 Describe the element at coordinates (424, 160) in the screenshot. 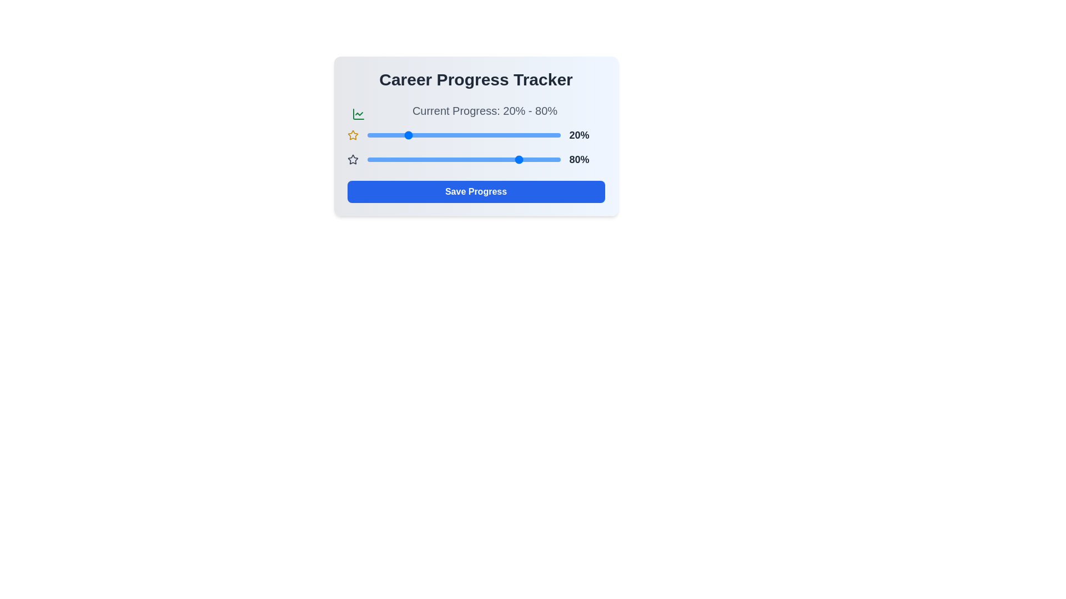

I see `the second progress slider to 30%` at that location.